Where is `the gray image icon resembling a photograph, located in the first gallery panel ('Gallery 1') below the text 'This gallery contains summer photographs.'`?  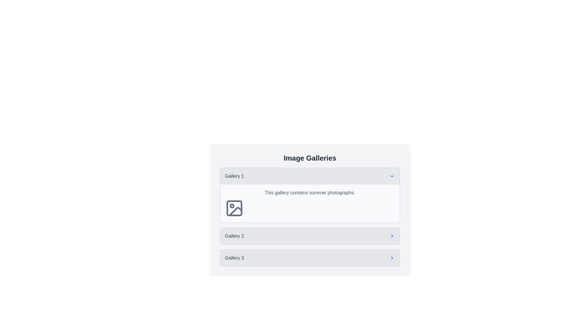
the gray image icon resembling a photograph, located in the first gallery panel ('Gallery 1') below the text 'This gallery contains summer photographs.' is located at coordinates (234, 208).